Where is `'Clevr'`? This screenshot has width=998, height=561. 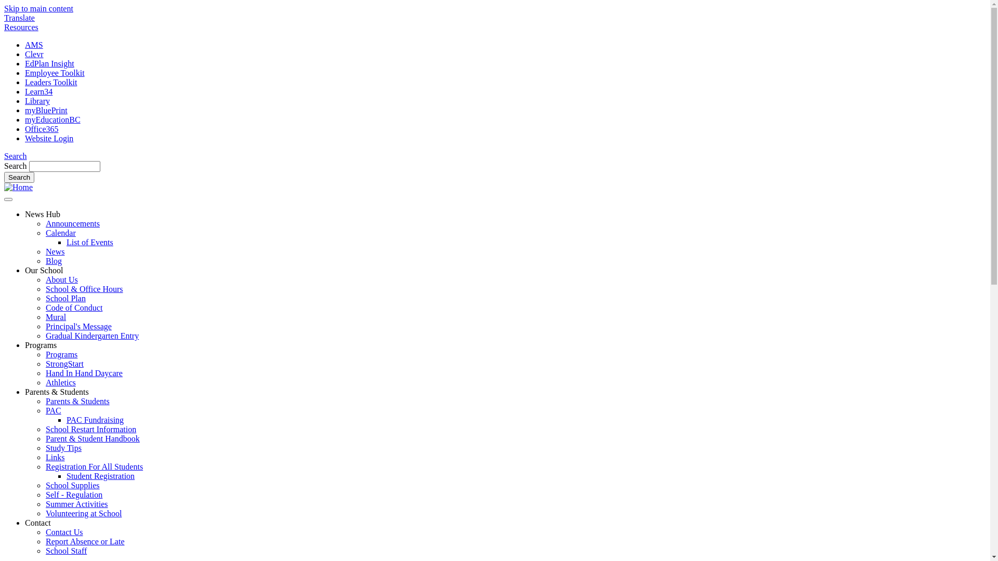 'Clevr' is located at coordinates (34, 54).